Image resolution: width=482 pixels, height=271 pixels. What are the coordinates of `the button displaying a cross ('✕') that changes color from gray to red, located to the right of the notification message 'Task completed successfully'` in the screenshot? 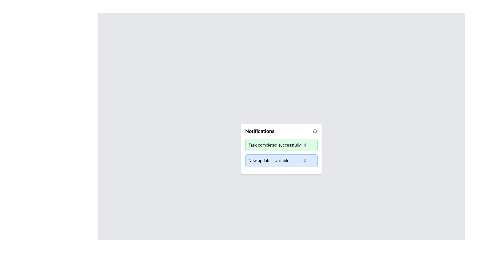 It's located at (309, 145).